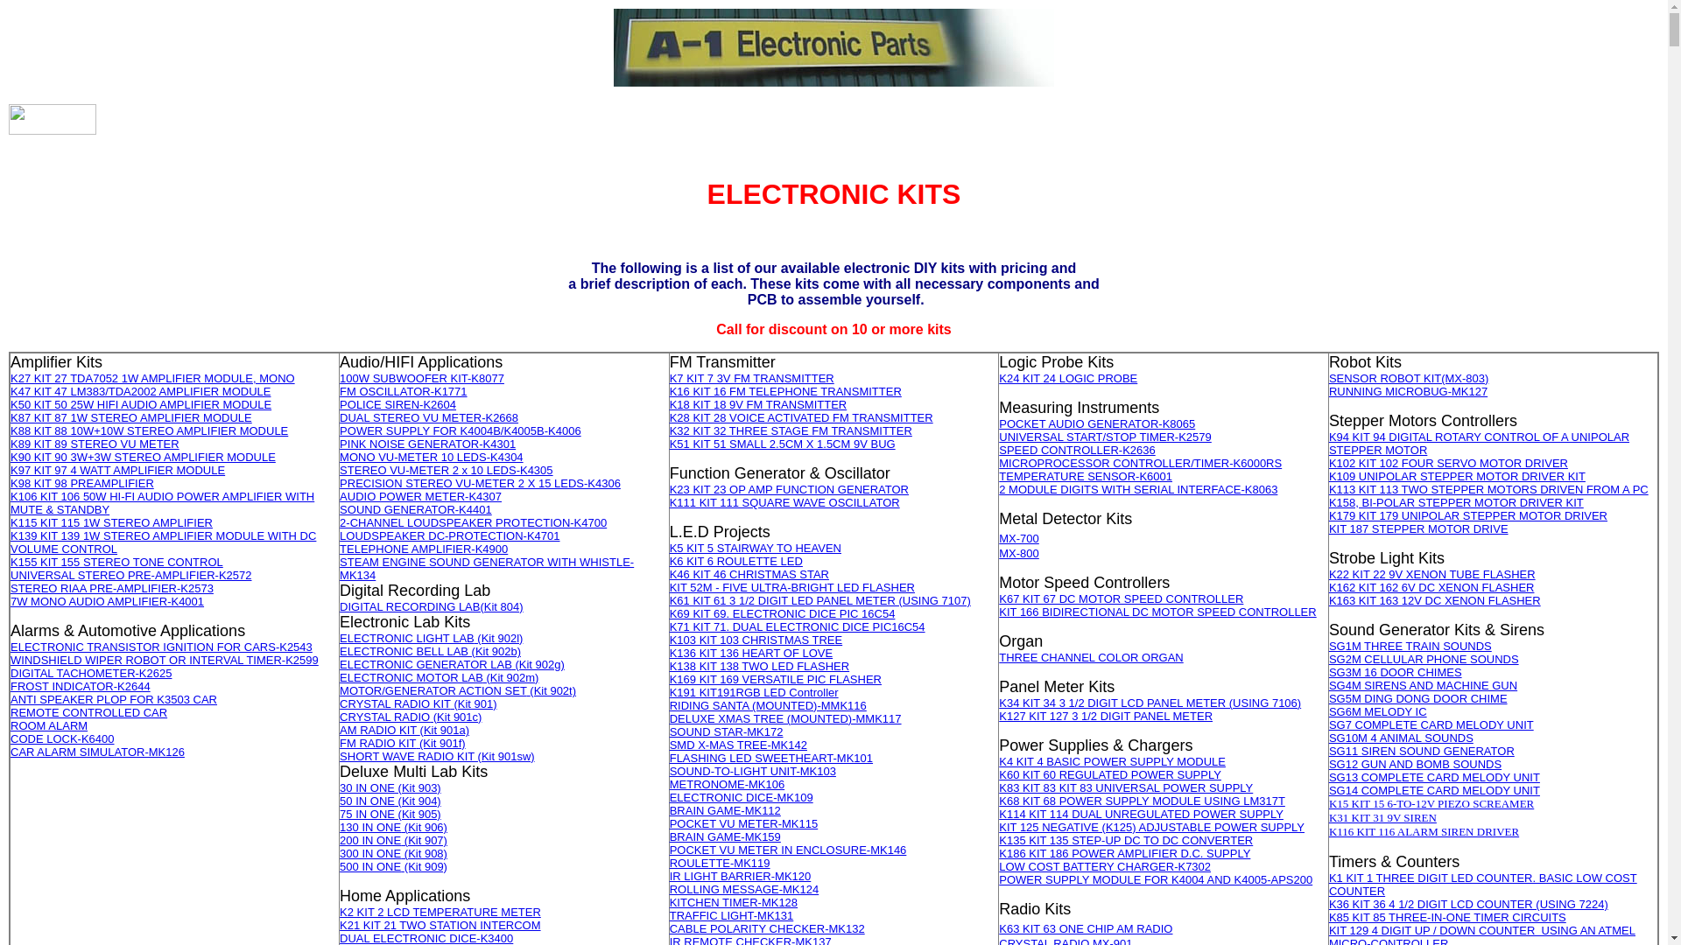 The image size is (1681, 945). I want to click on 'SG7 COMPLETE CARD MELODY UNIT', so click(1328, 724).